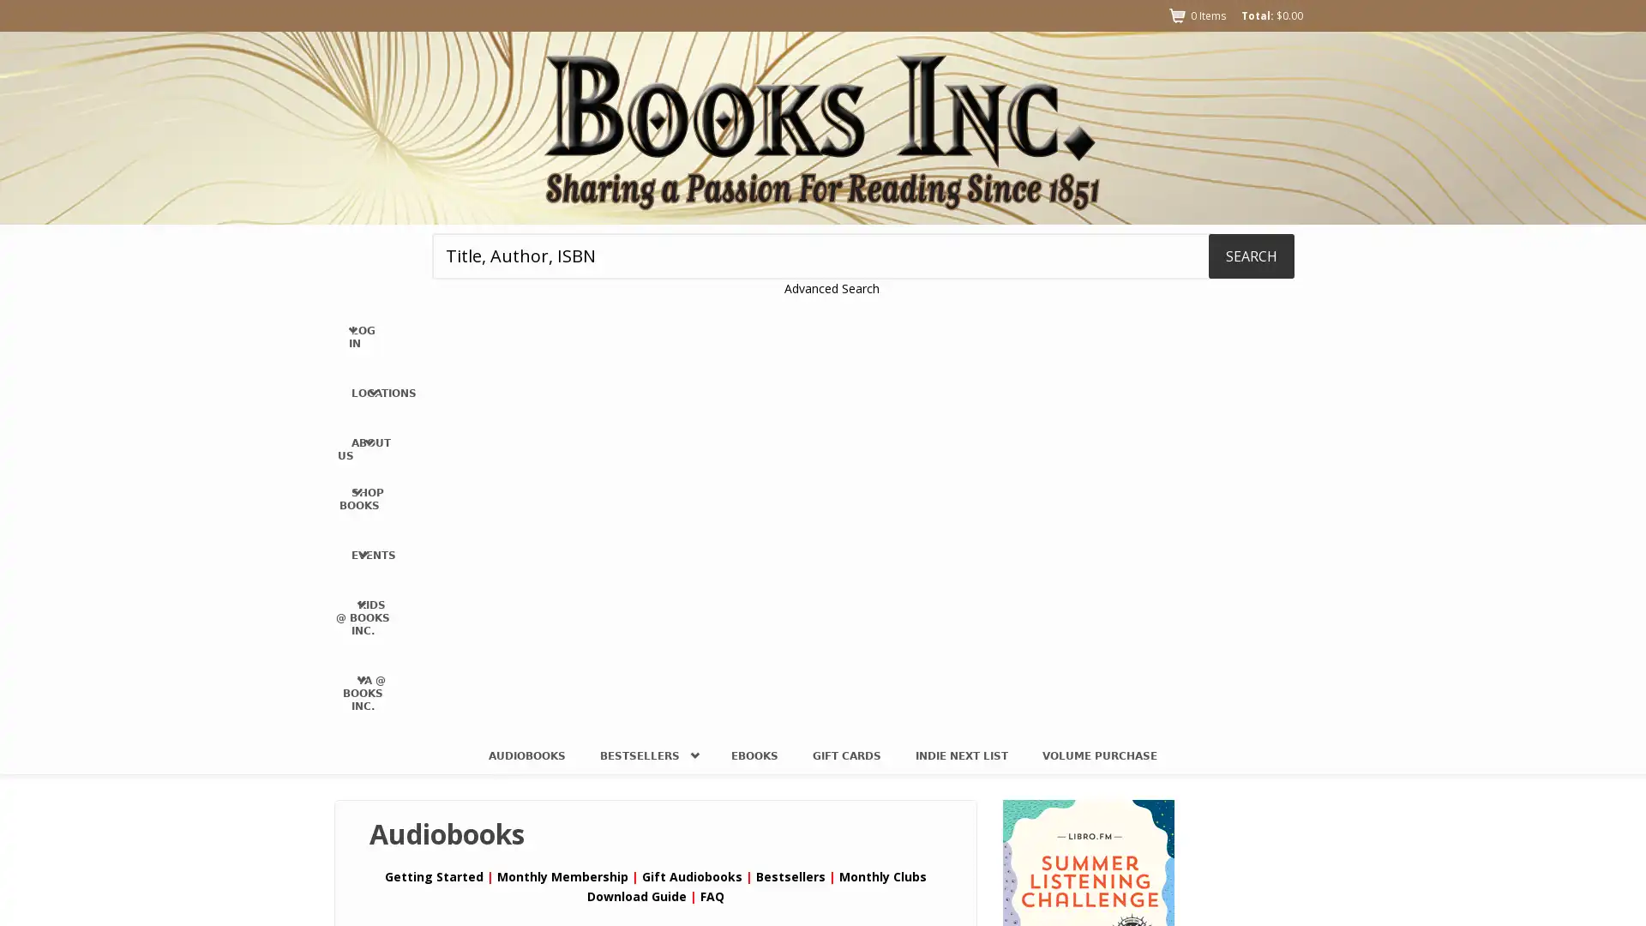 The height and width of the screenshot is (926, 1646). What do you see at coordinates (1251, 255) in the screenshot?
I see `Search` at bounding box center [1251, 255].